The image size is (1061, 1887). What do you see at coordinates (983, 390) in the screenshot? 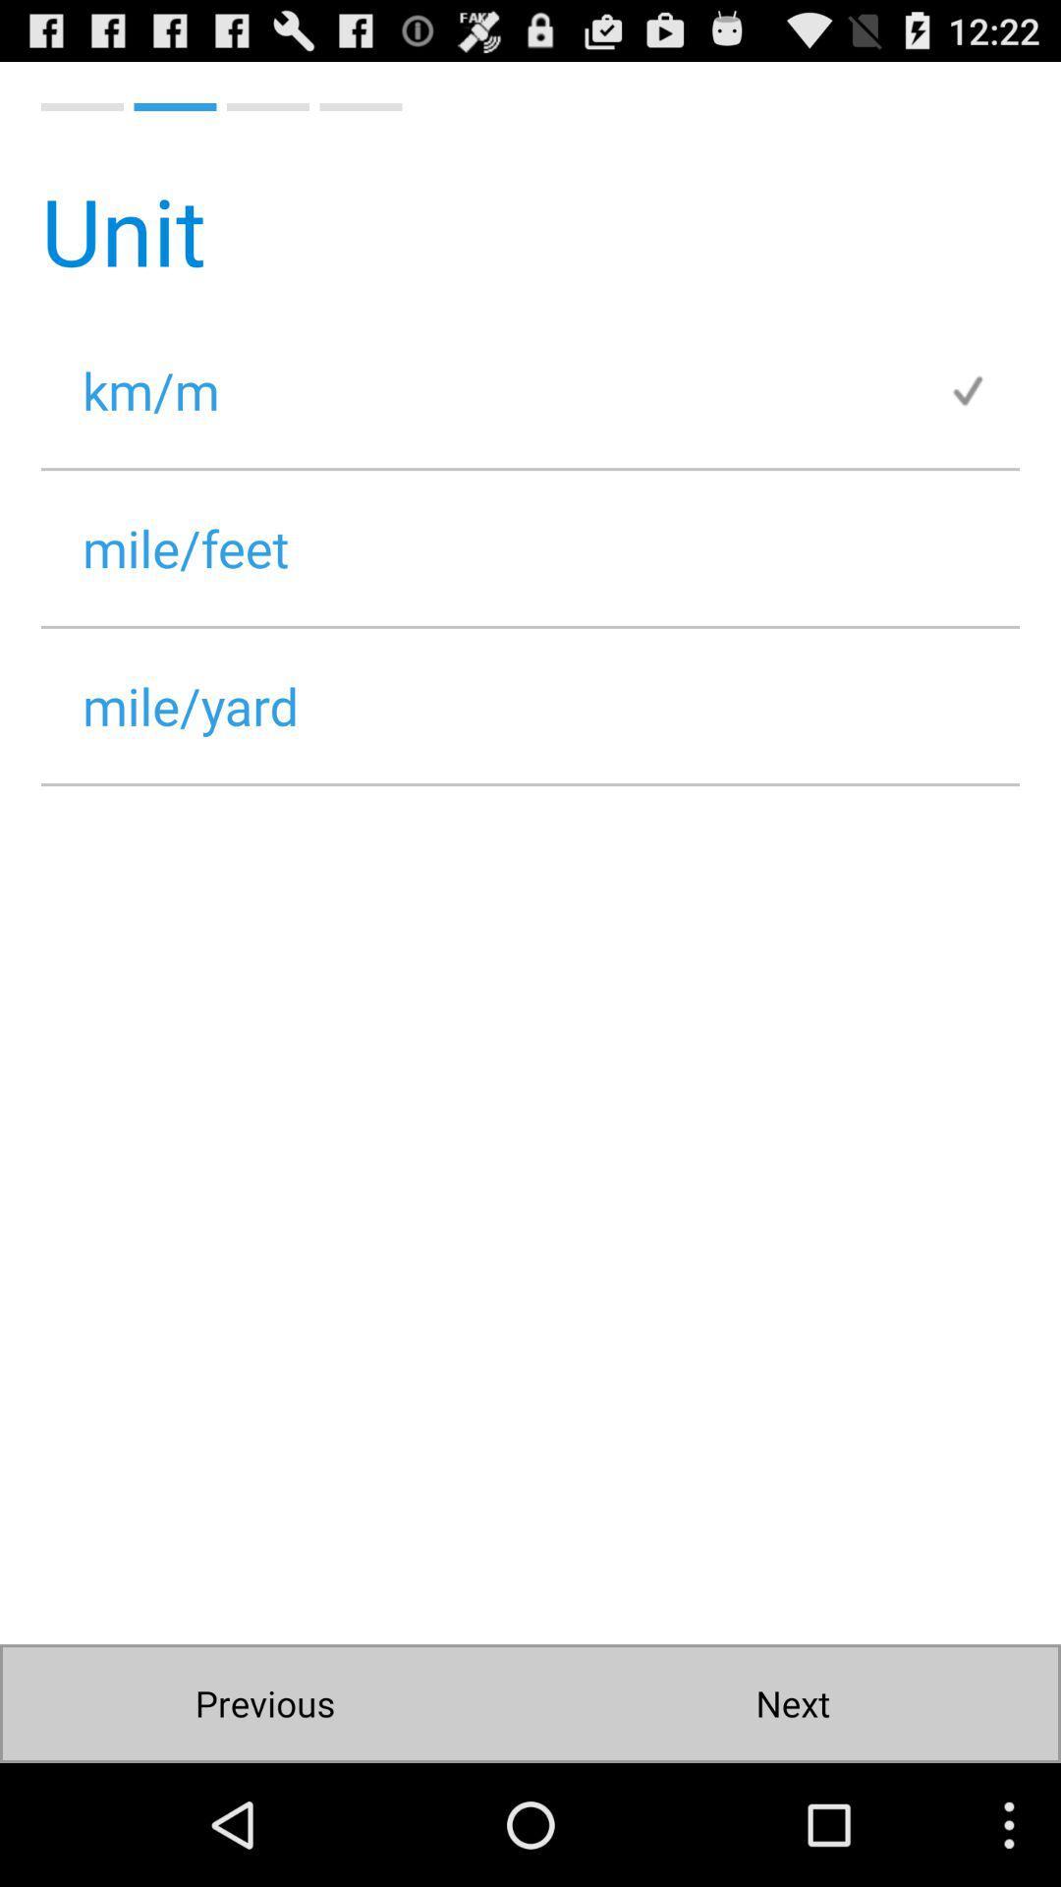
I see `item next to the km/m item` at bounding box center [983, 390].